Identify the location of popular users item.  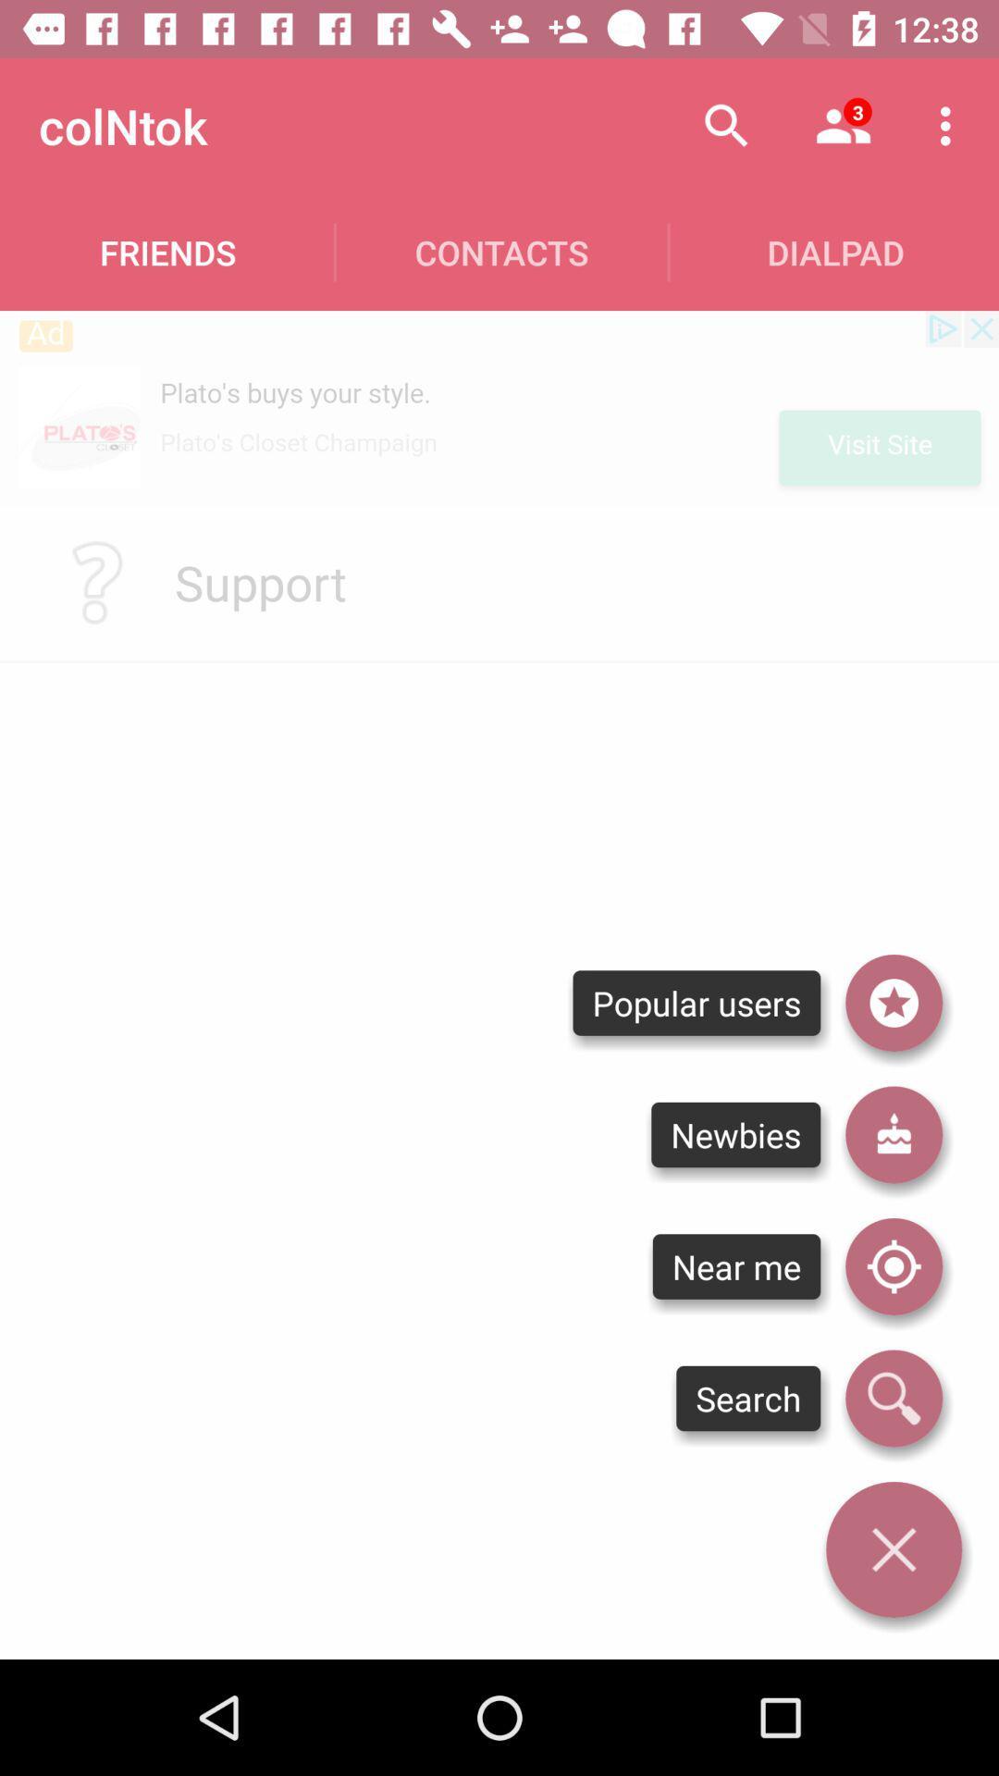
(697, 1002).